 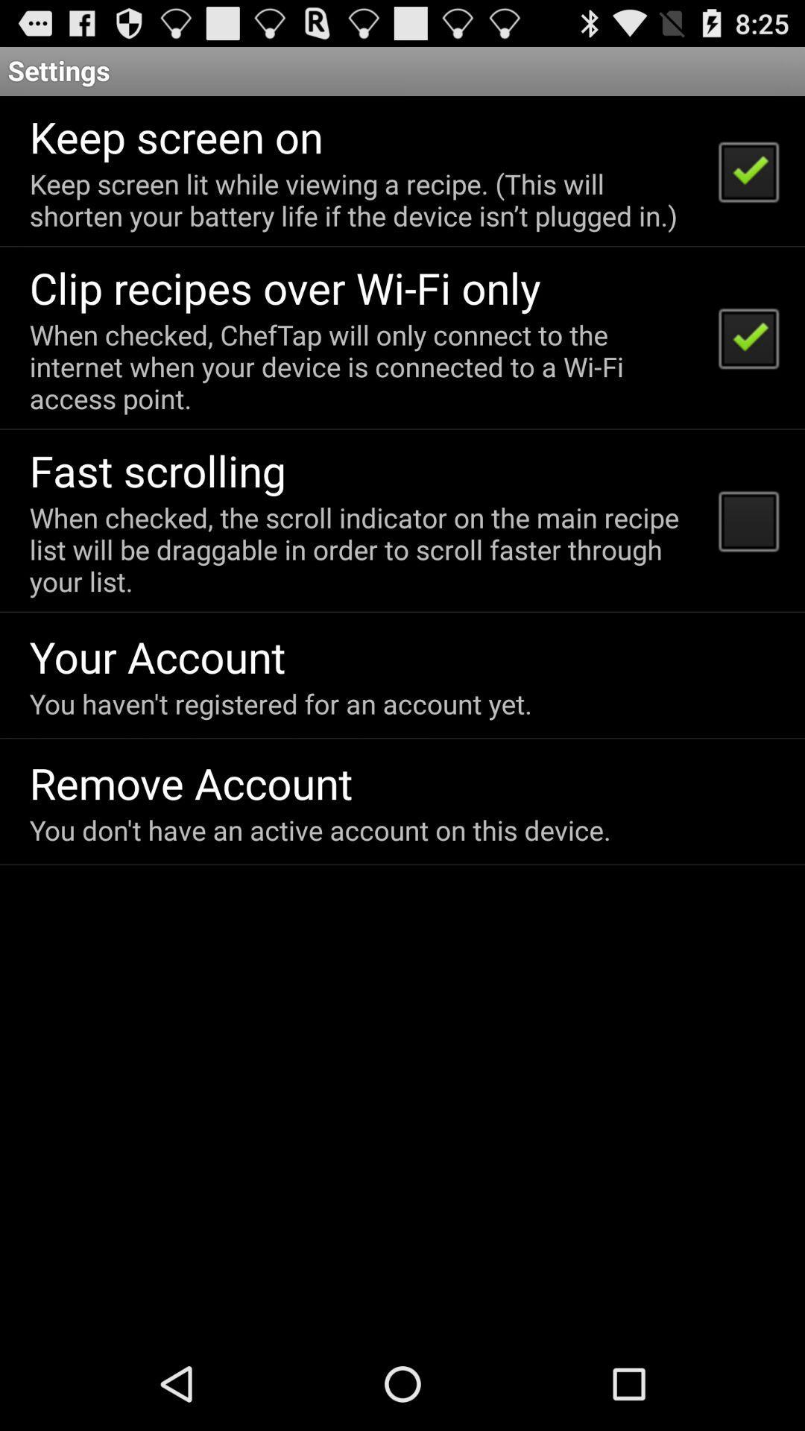 What do you see at coordinates (157, 656) in the screenshot?
I see `item below when checked the` at bounding box center [157, 656].